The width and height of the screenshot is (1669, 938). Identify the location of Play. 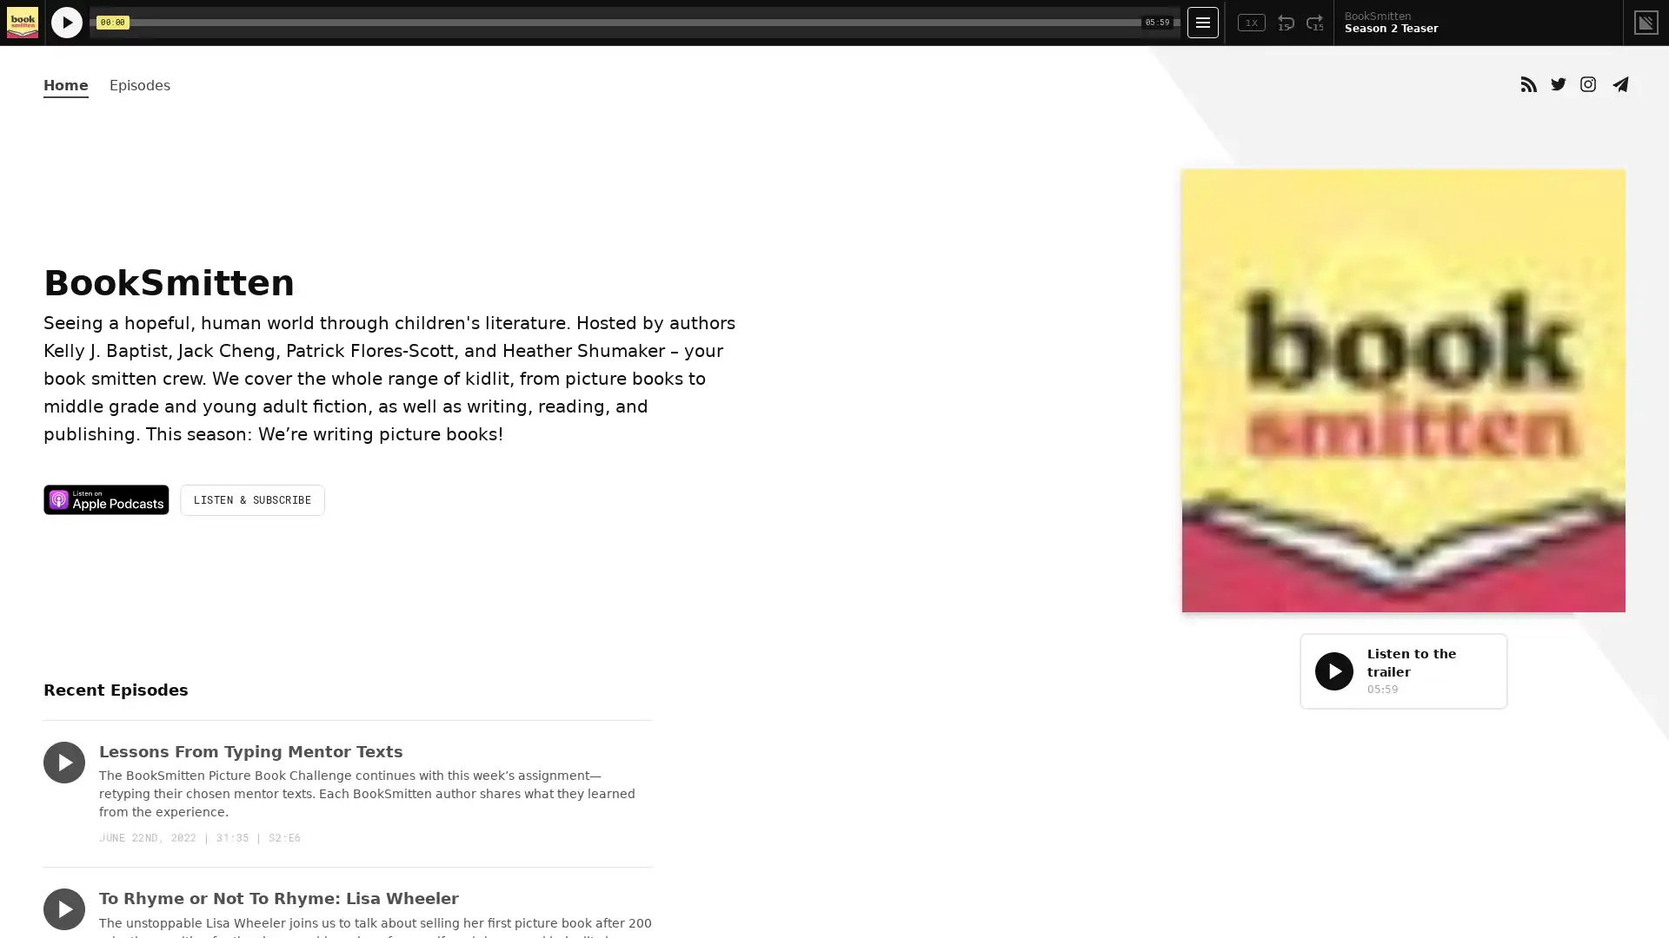
(63, 908).